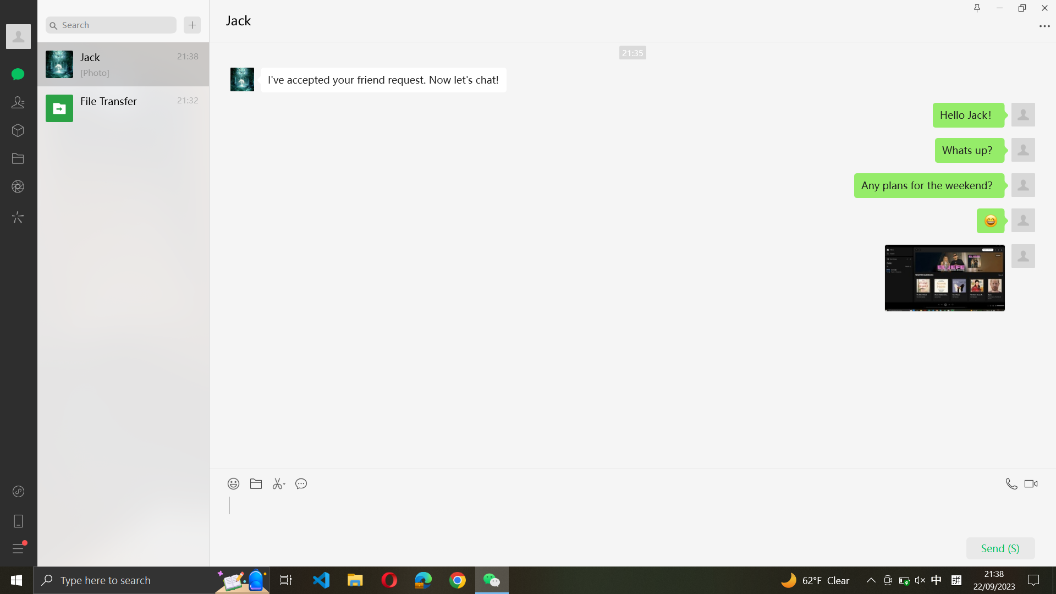  I want to click on the new chat option, so click(192, 25).